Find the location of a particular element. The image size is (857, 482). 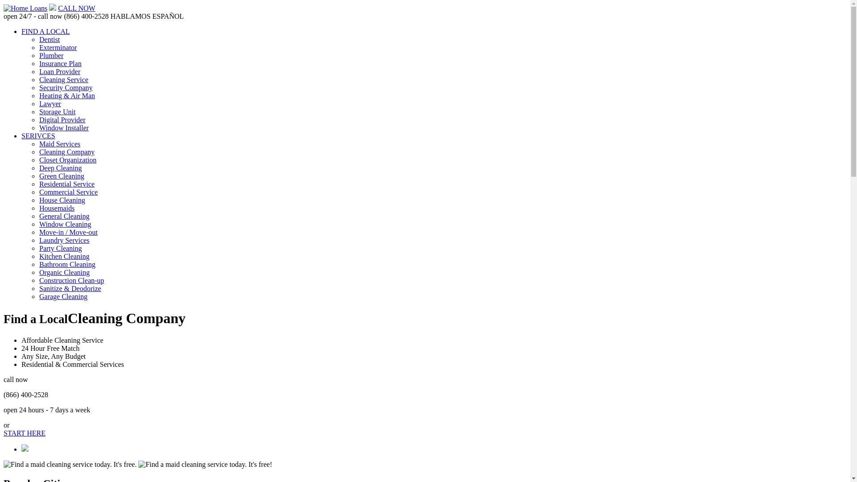

'Laundry Services' is located at coordinates (38, 240).